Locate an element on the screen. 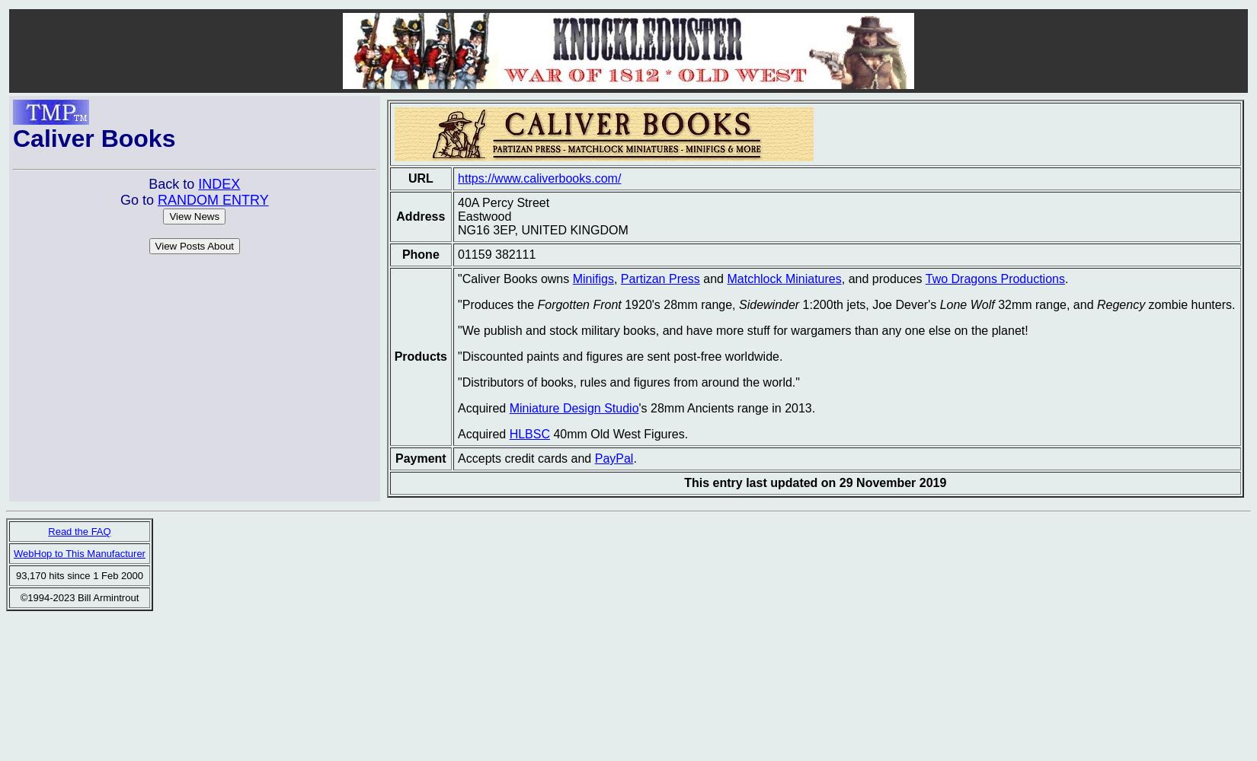 Image resolution: width=1257 pixels, height=761 pixels. 'WebHop to This Manufacturer' is located at coordinates (78, 552).